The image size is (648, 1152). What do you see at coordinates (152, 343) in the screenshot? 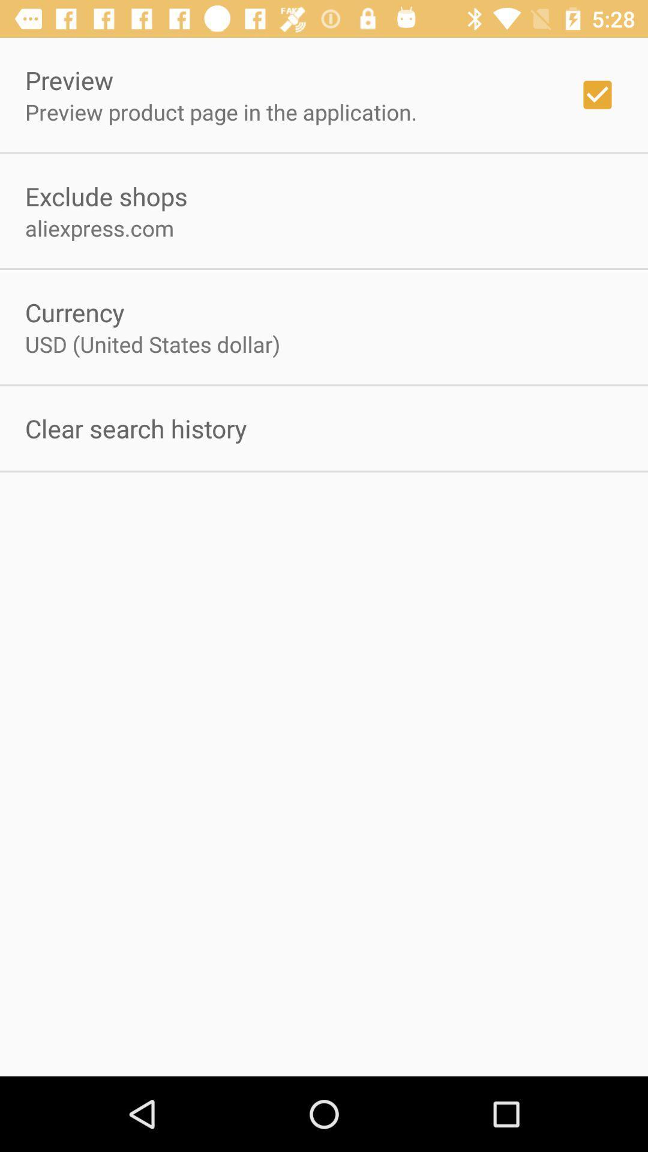
I see `usd united states` at bounding box center [152, 343].